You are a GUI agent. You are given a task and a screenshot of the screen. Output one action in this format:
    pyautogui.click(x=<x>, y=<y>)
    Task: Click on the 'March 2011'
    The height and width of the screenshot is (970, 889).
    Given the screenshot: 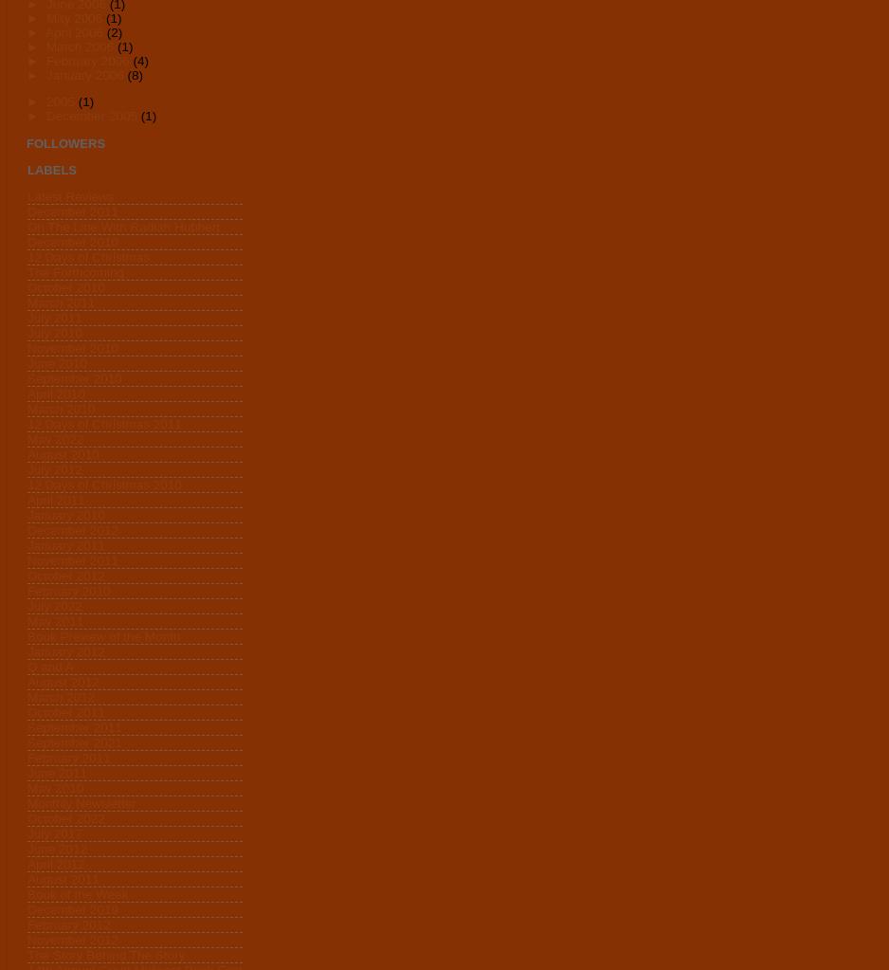 What is the action you would take?
    pyautogui.click(x=27, y=302)
    